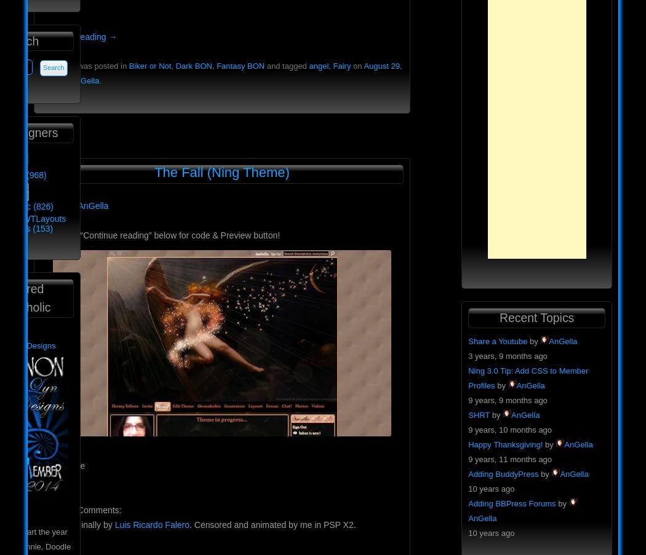  Describe the element at coordinates (497, 340) in the screenshot. I see `'Share a Youtube'` at that location.